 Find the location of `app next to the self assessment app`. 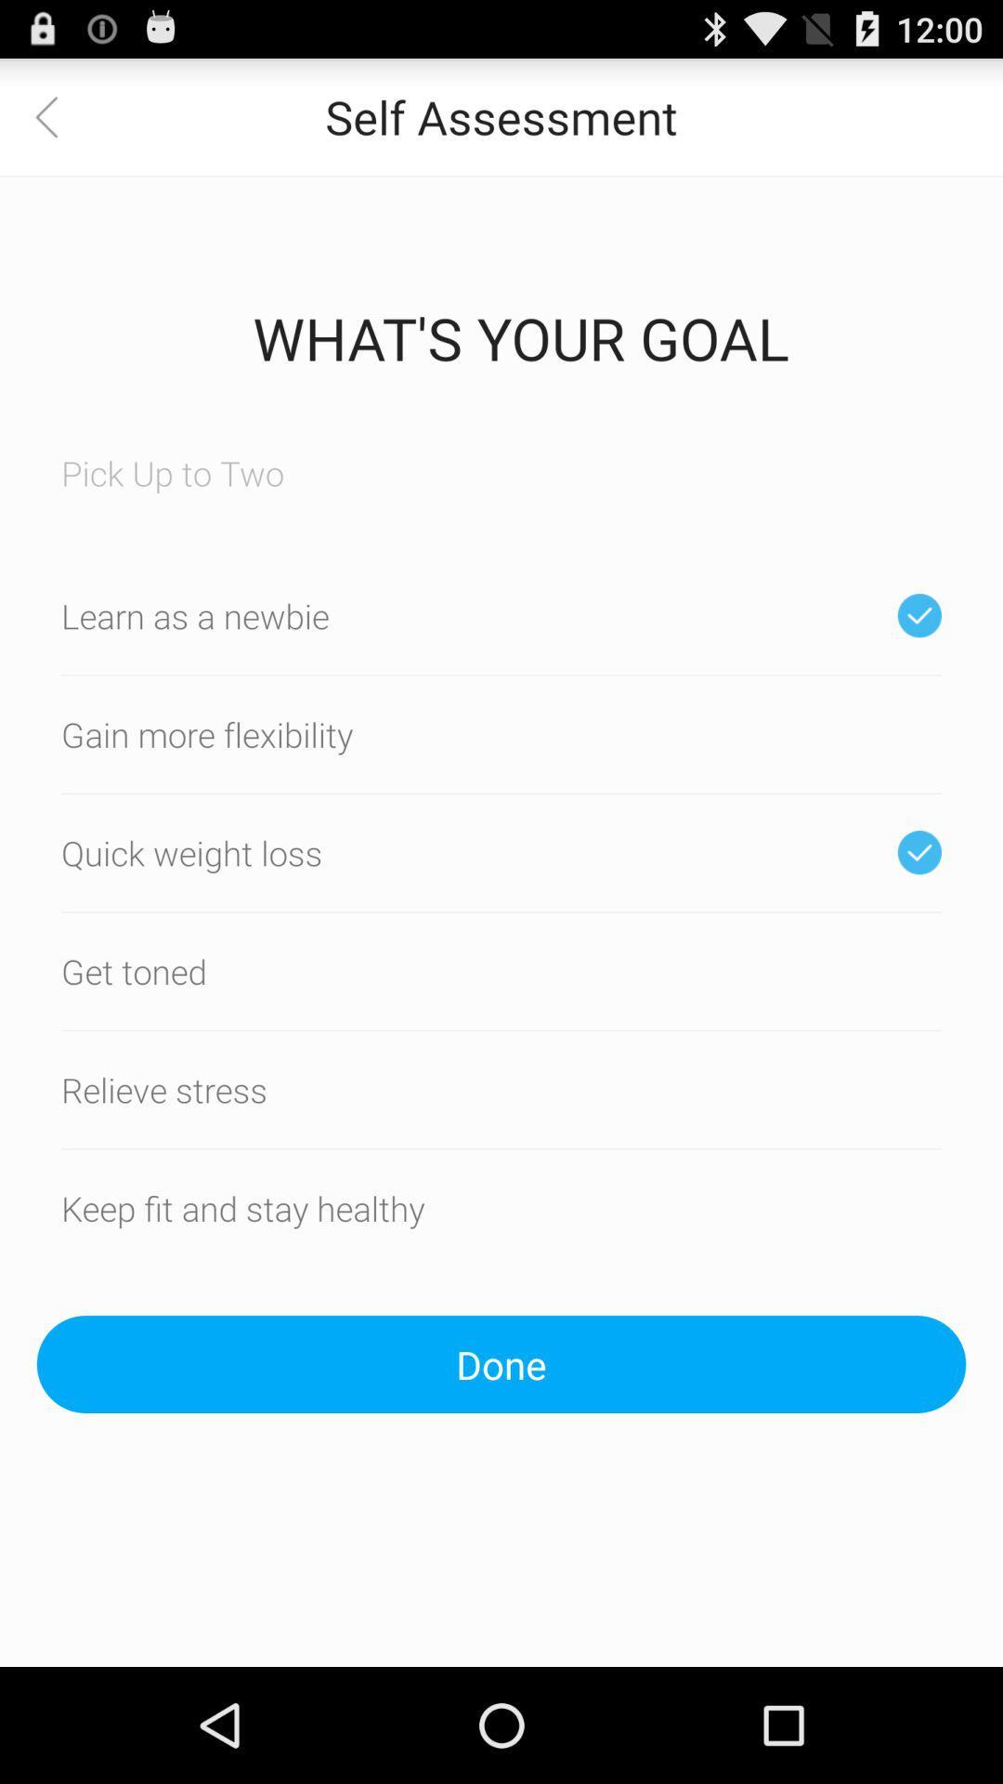

app next to the self assessment app is located at coordinates (57, 115).